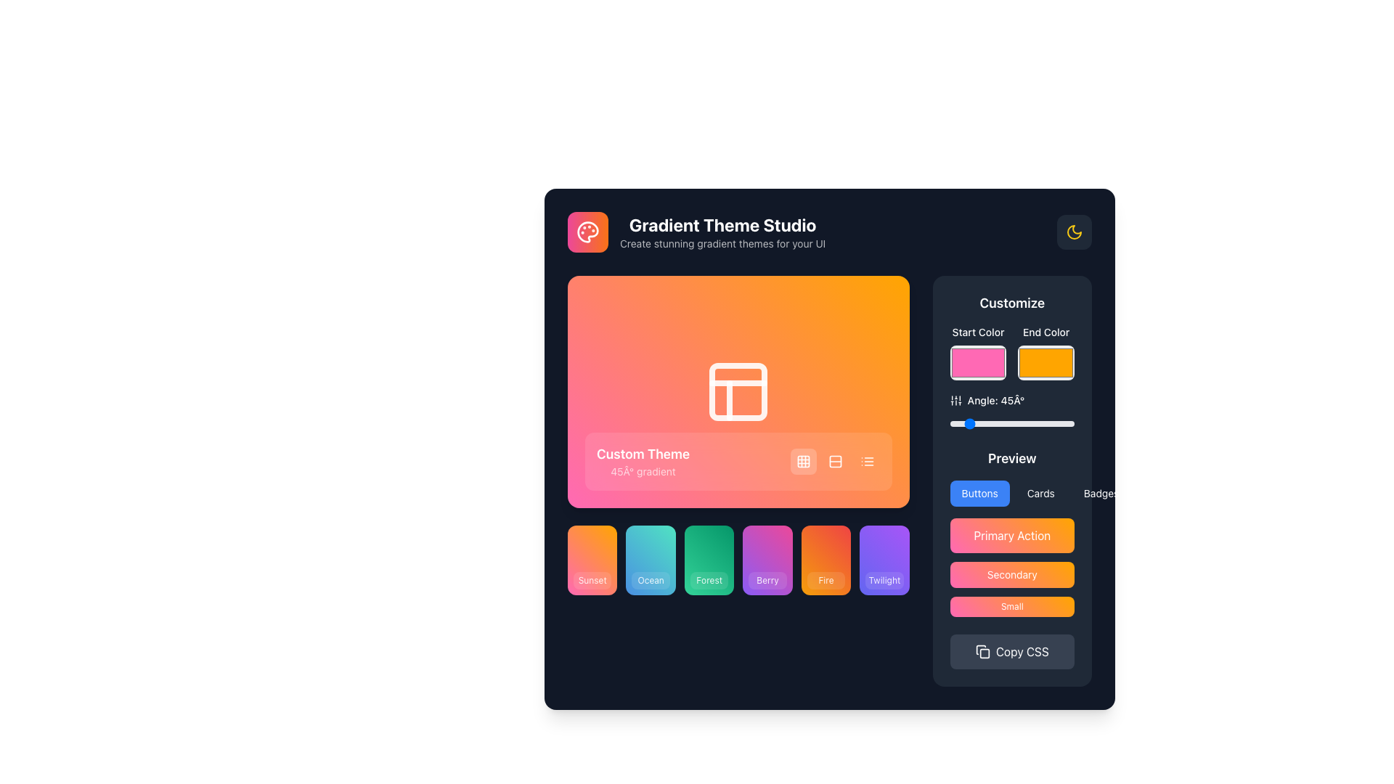 The height and width of the screenshot is (784, 1394). What do you see at coordinates (884, 559) in the screenshot?
I see `the 'Twilight' selectable card for keyboard selection` at bounding box center [884, 559].